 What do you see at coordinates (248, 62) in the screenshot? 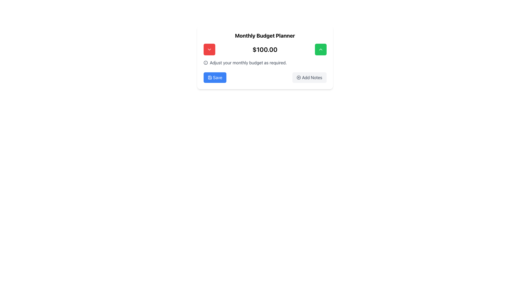
I see `text that says 'Adjust your monthly budget as required.' located below the monetary value display of '$100.00' in the 'Monthly Budget Planner' section` at bounding box center [248, 62].